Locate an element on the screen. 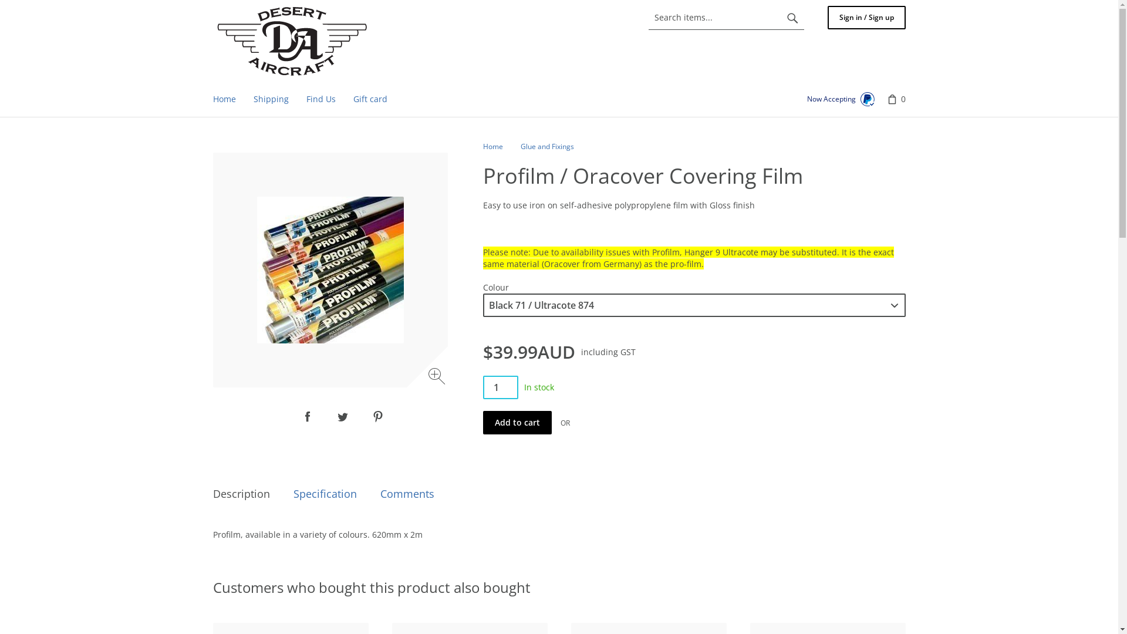 Image resolution: width=1127 pixels, height=634 pixels. 'Home' is located at coordinates (292, 40).